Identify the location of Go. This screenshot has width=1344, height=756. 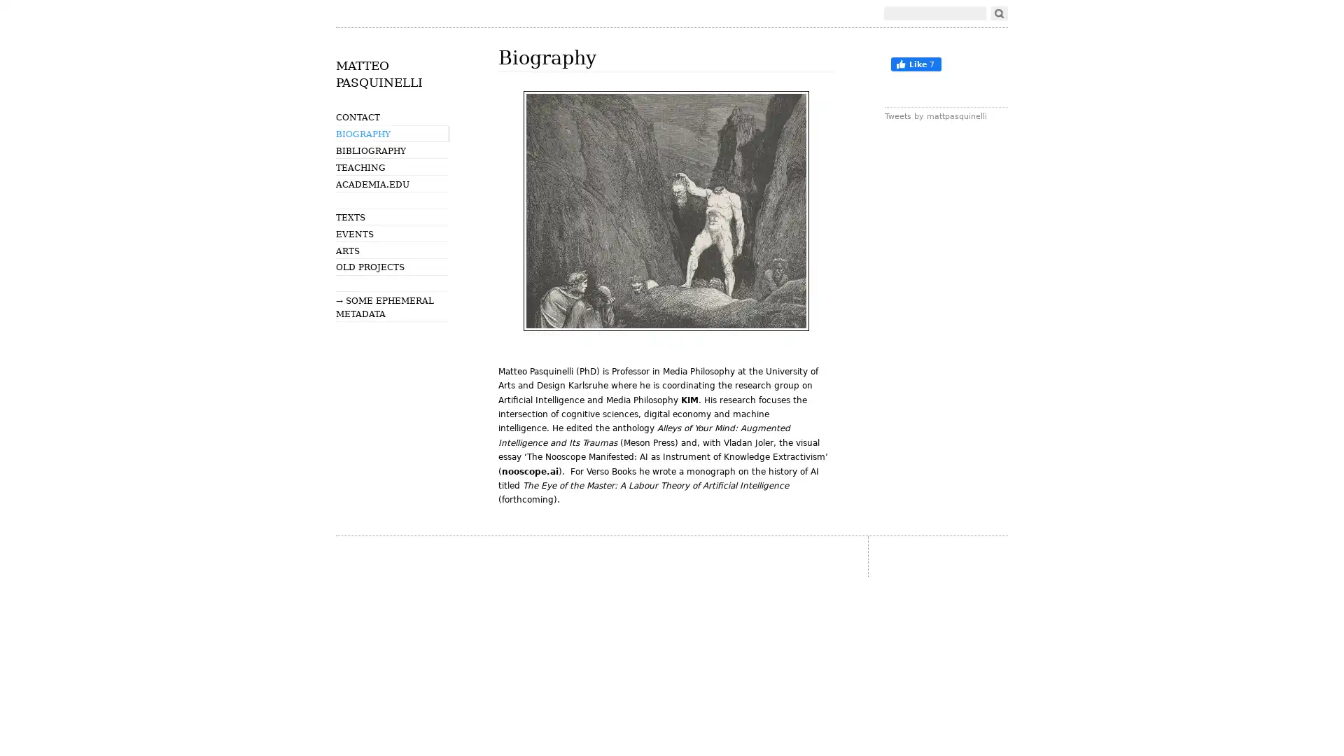
(998, 13).